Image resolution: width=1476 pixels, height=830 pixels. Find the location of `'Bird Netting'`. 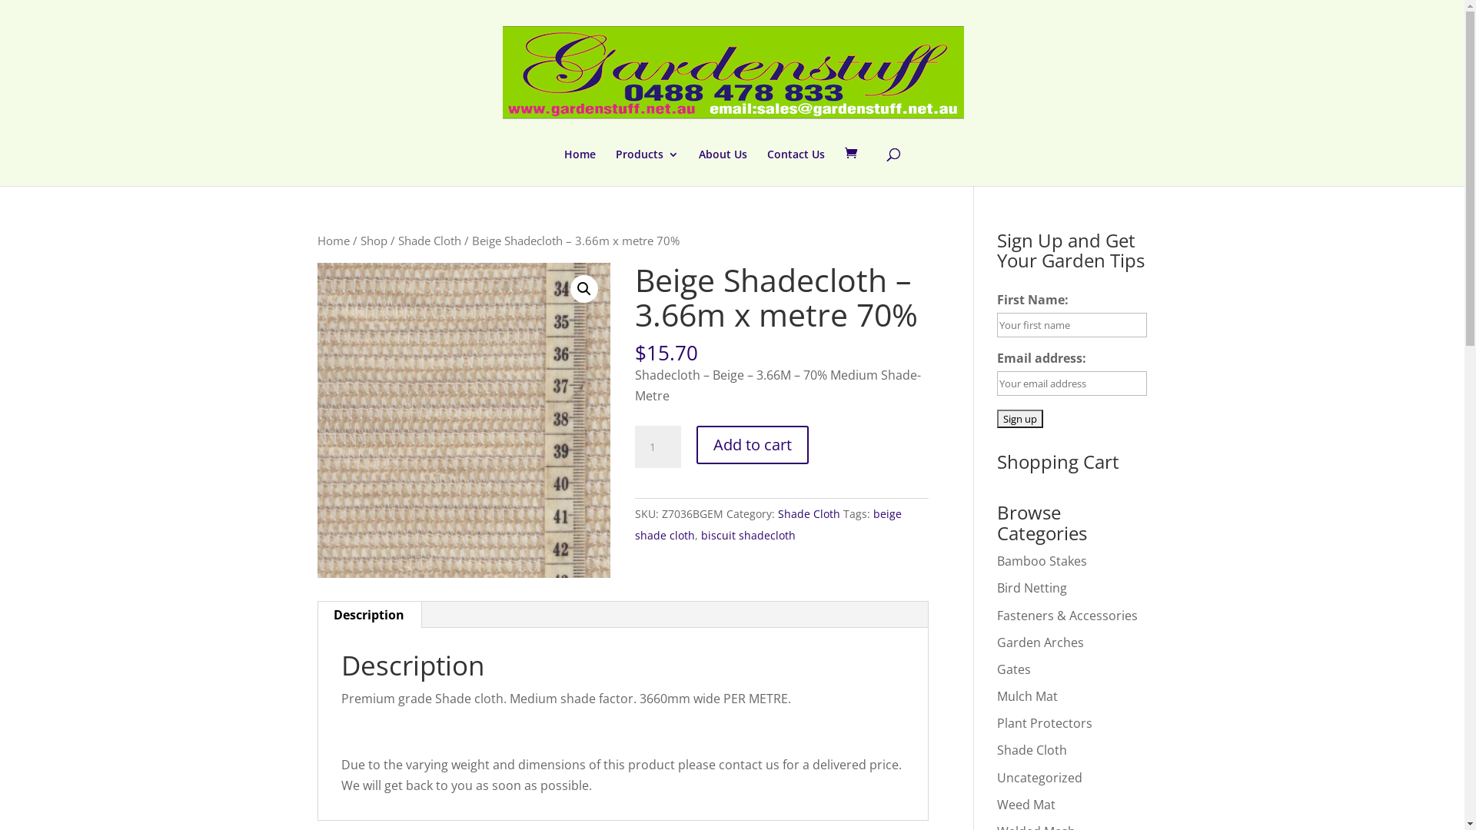

'Bird Netting' is located at coordinates (1032, 587).